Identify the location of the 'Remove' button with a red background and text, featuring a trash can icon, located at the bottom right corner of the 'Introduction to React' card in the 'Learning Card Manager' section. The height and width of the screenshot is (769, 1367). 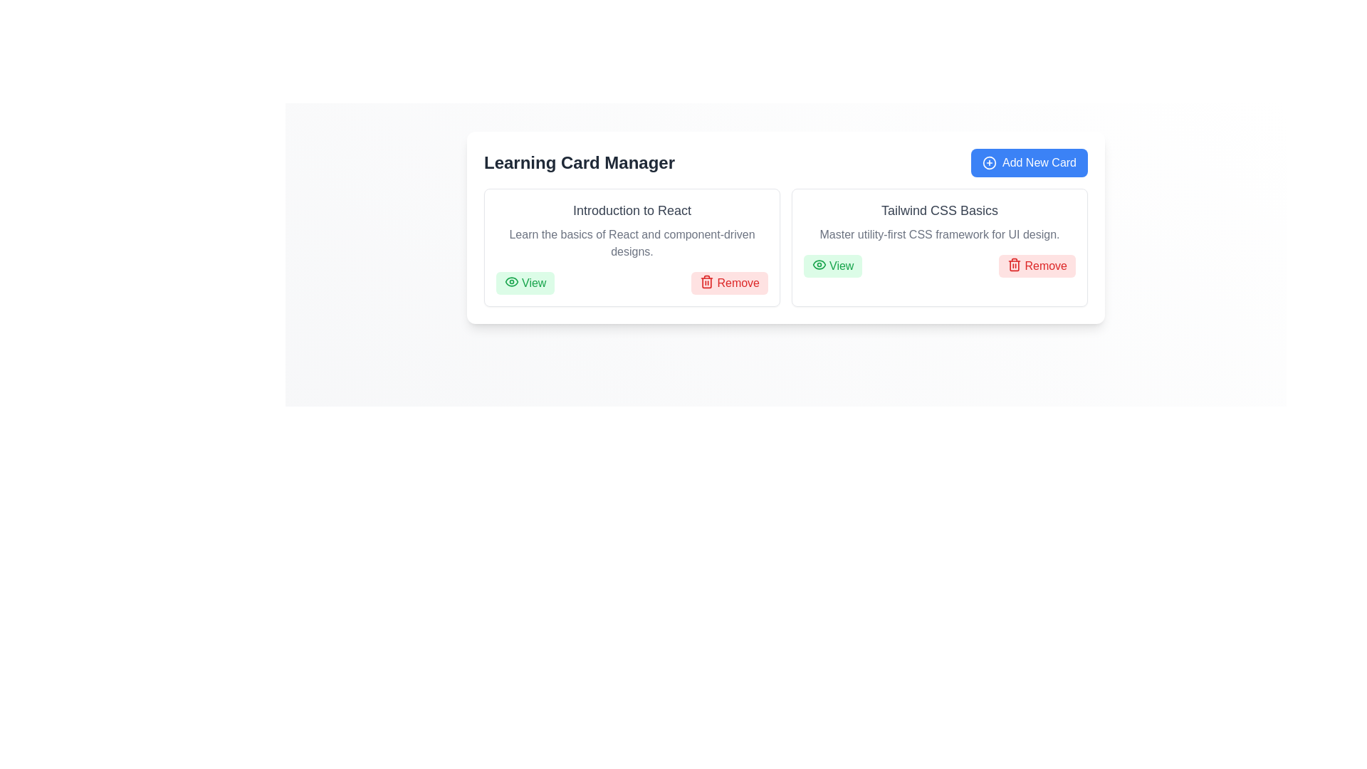
(730, 283).